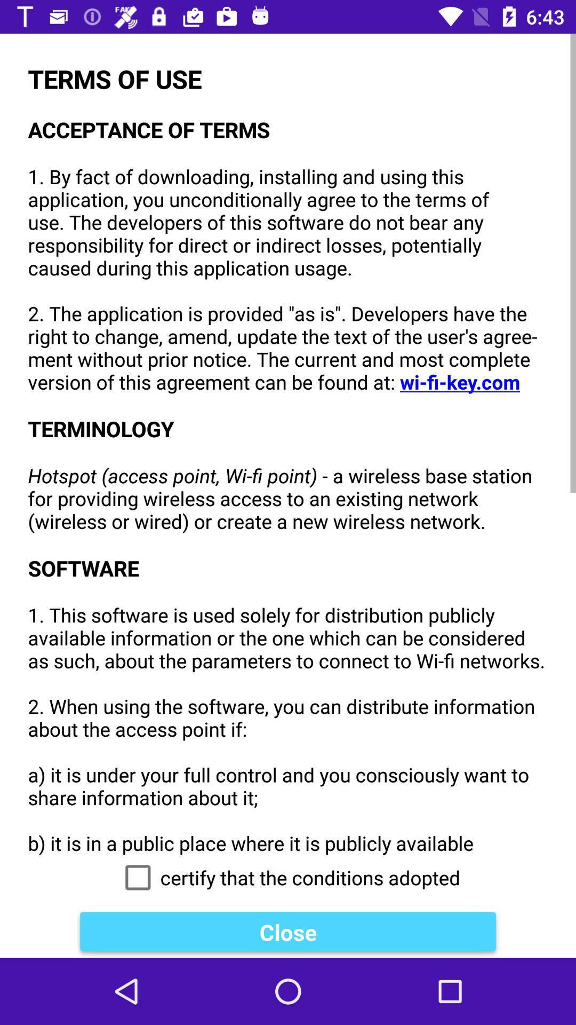 This screenshot has width=576, height=1025. I want to click on icon below the terms of use icon, so click(288, 878).